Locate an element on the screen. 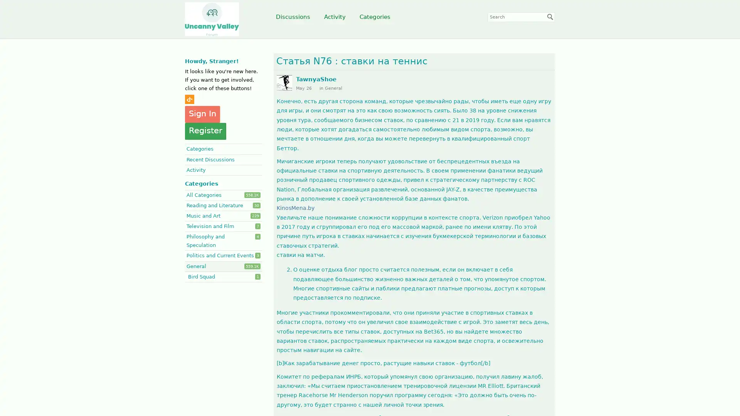 The image size is (740, 416). Search is located at coordinates (550, 17).